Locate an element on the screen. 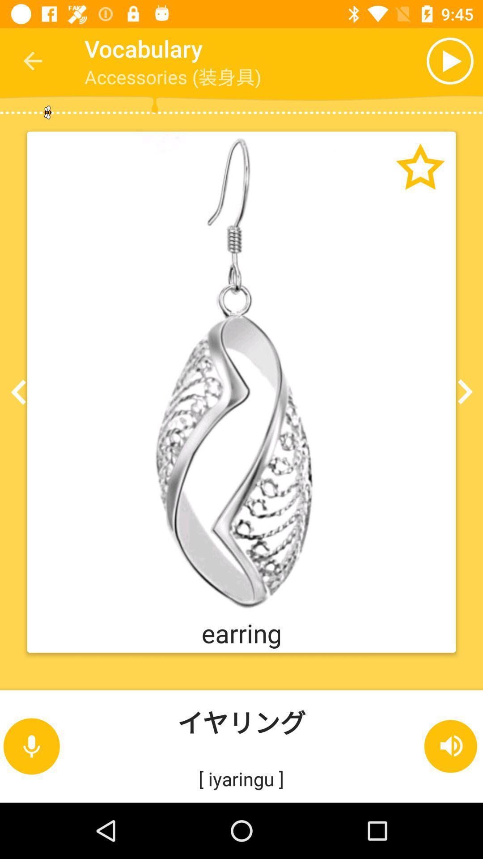  the arrow_backward icon is located at coordinates (21, 392).